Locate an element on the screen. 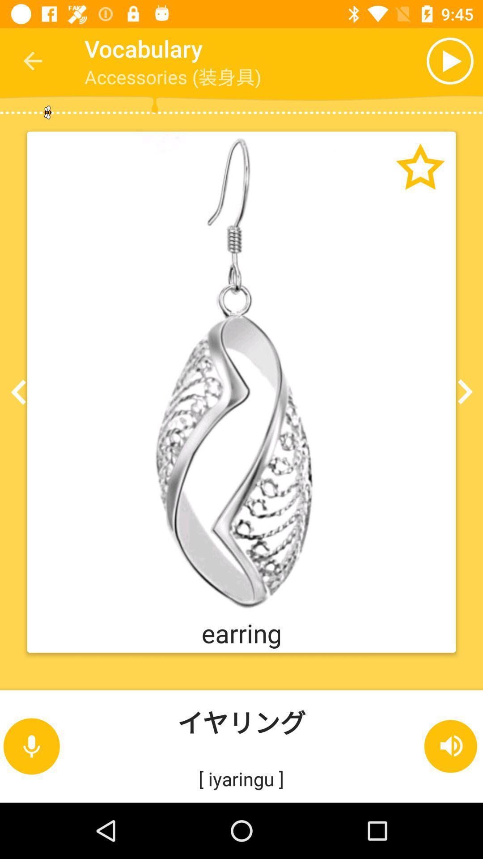  the arrow_backward icon is located at coordinates (21, 392).